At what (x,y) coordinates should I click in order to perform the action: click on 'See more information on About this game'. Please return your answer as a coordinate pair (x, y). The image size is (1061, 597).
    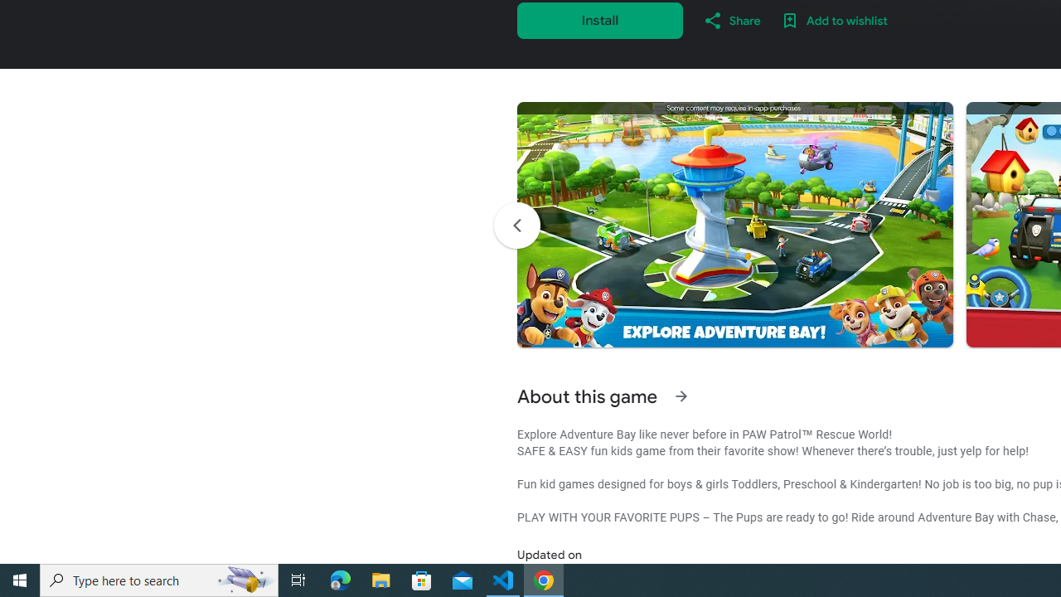
    Looking at the image, I should click on (681, 396).